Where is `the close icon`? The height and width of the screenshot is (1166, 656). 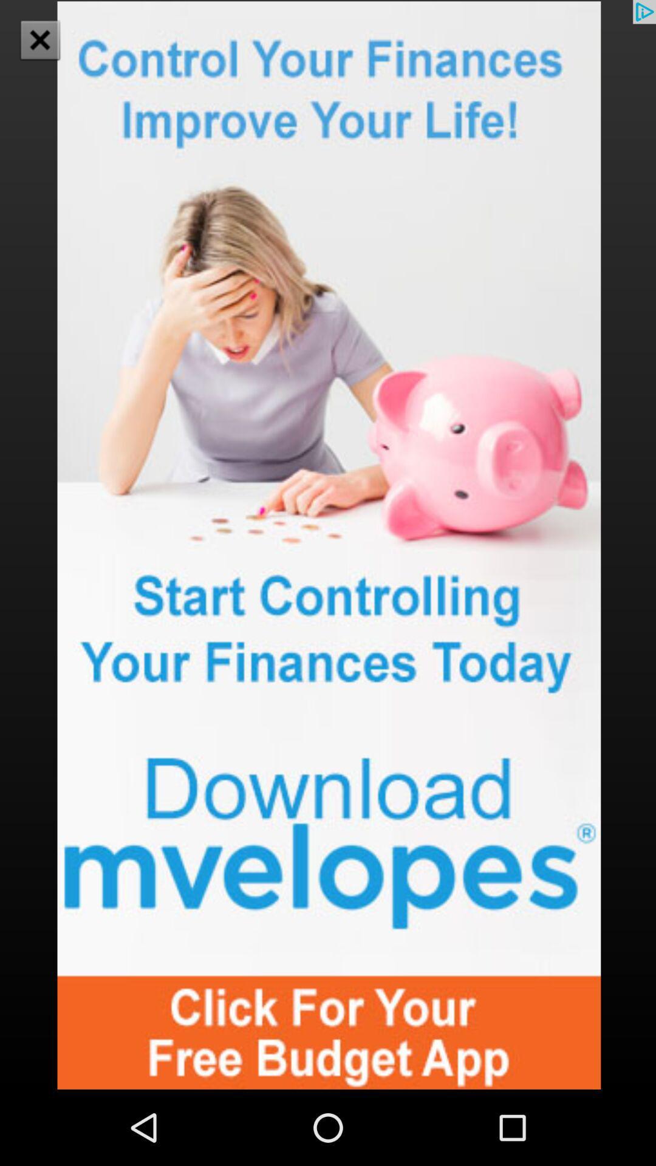
the close icon is located at coordinates (55, 59).